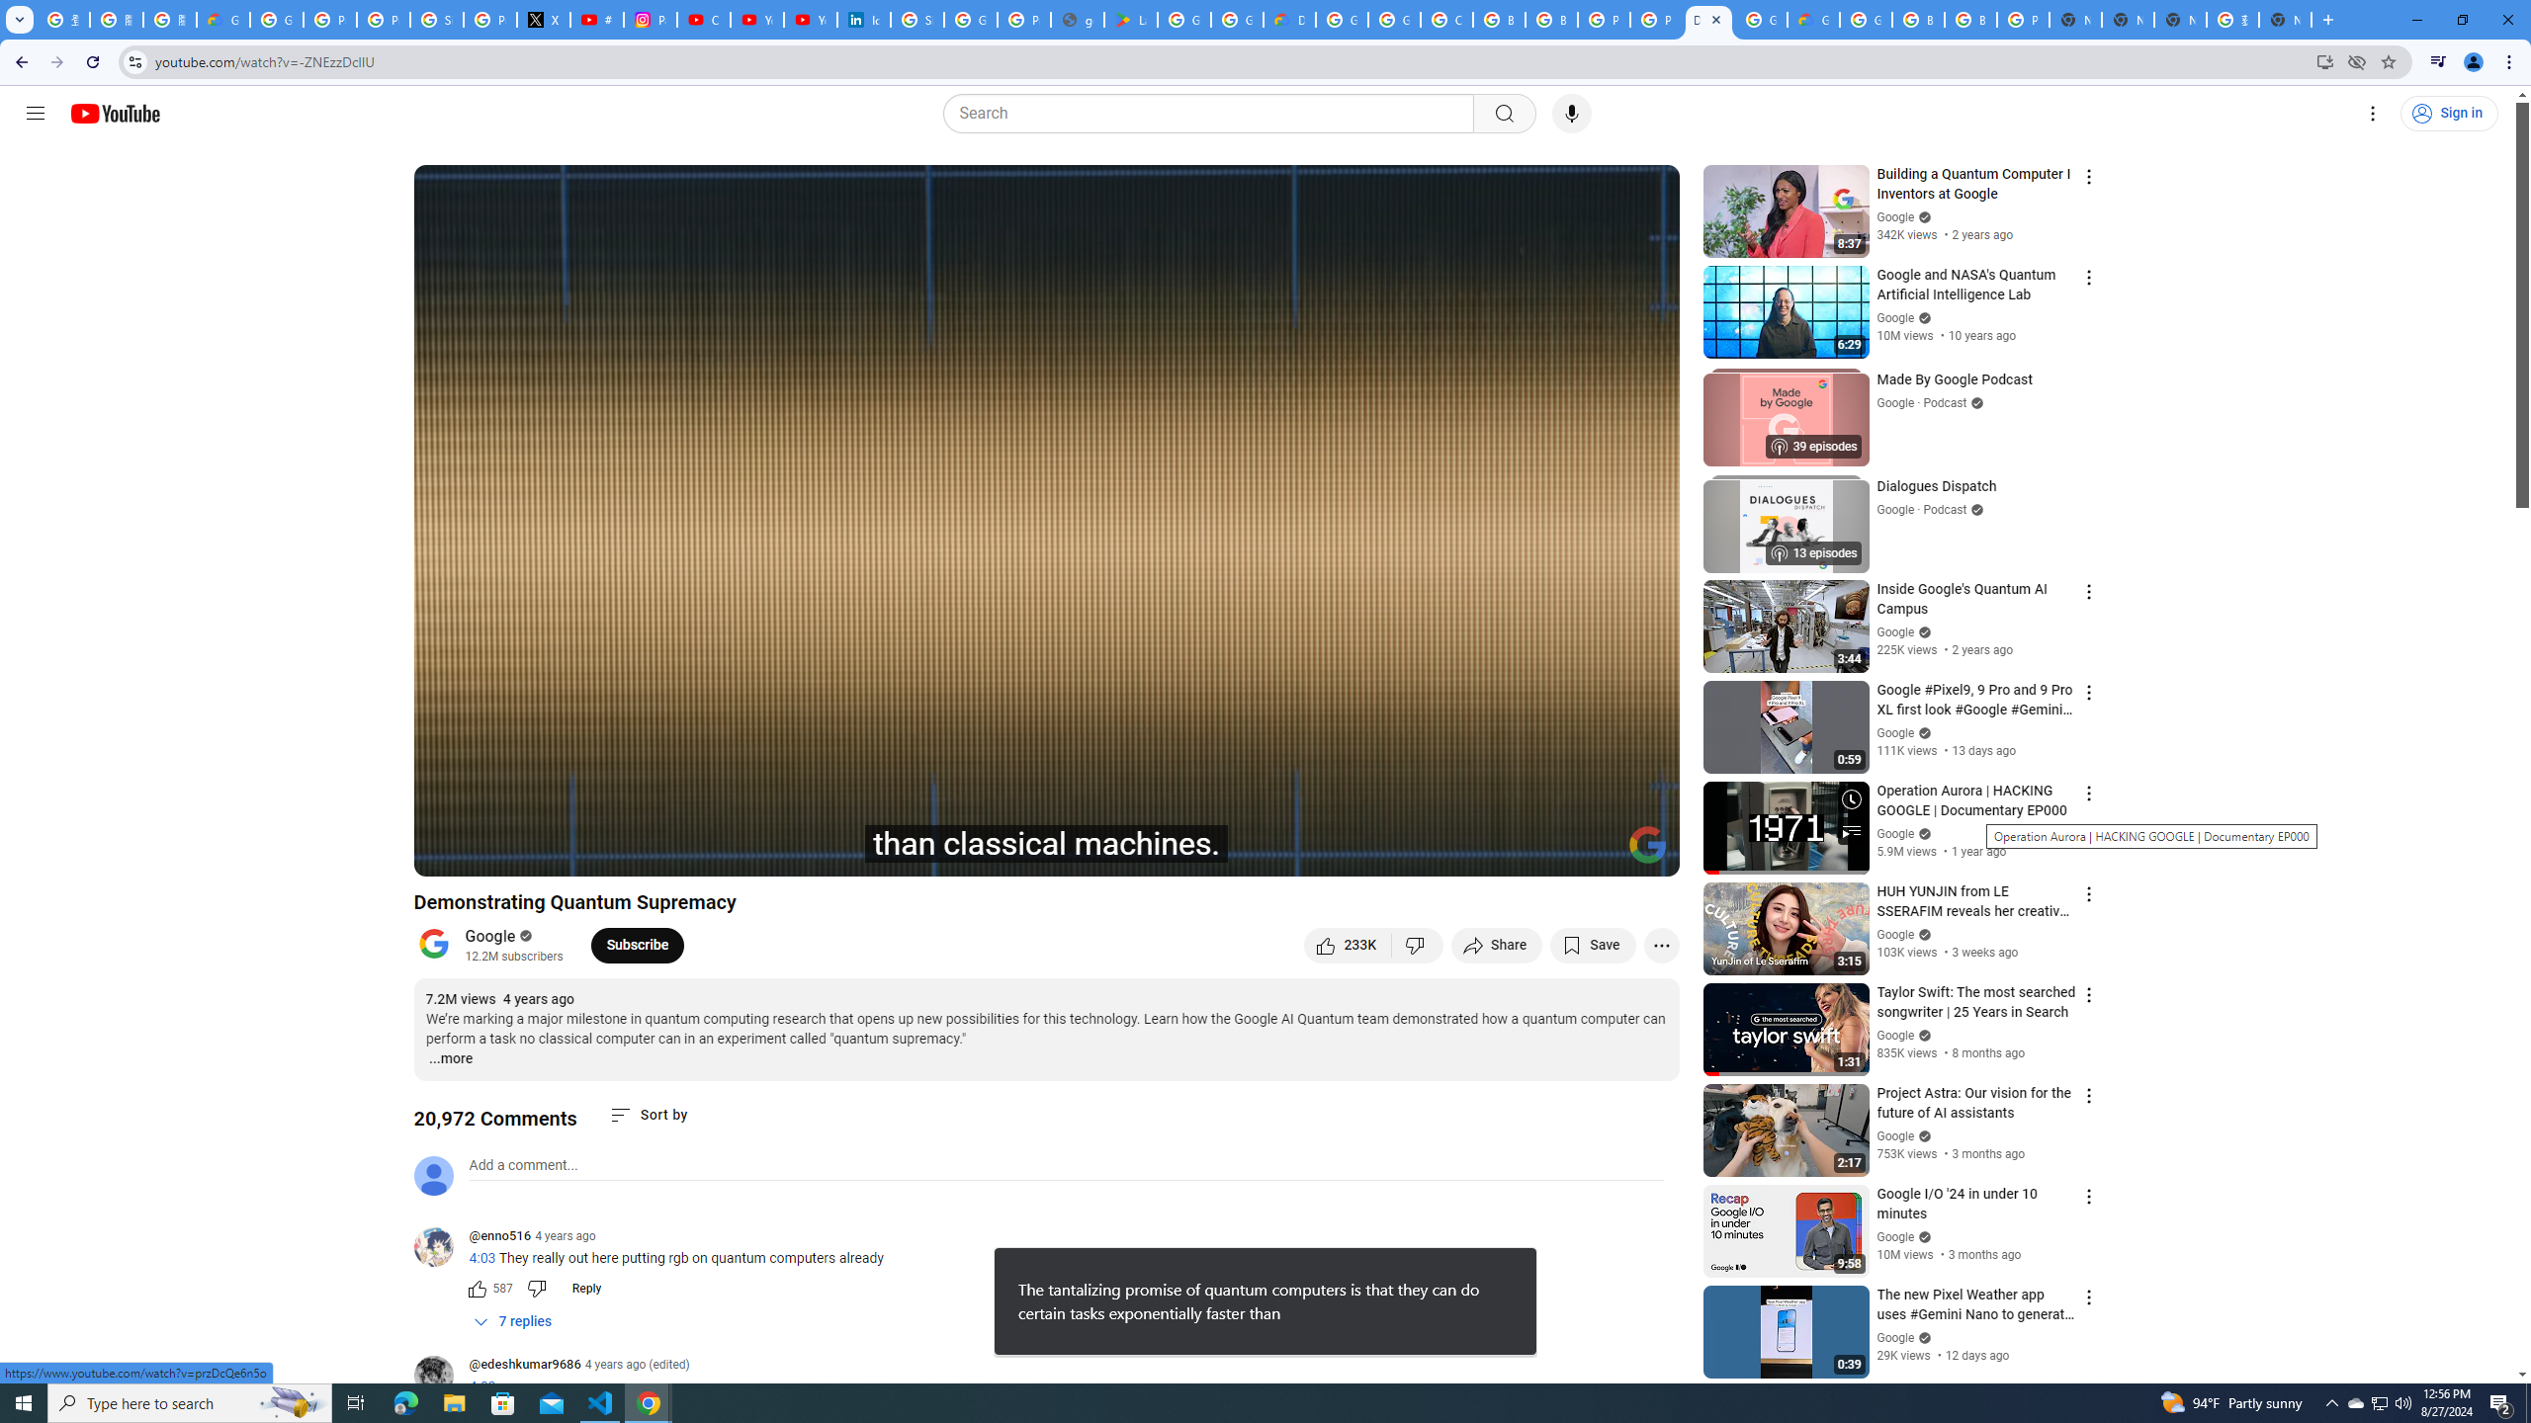 The width and height of the screenshot is (2531, 1423). I want to click on 'More actions', so click(1660, 944).